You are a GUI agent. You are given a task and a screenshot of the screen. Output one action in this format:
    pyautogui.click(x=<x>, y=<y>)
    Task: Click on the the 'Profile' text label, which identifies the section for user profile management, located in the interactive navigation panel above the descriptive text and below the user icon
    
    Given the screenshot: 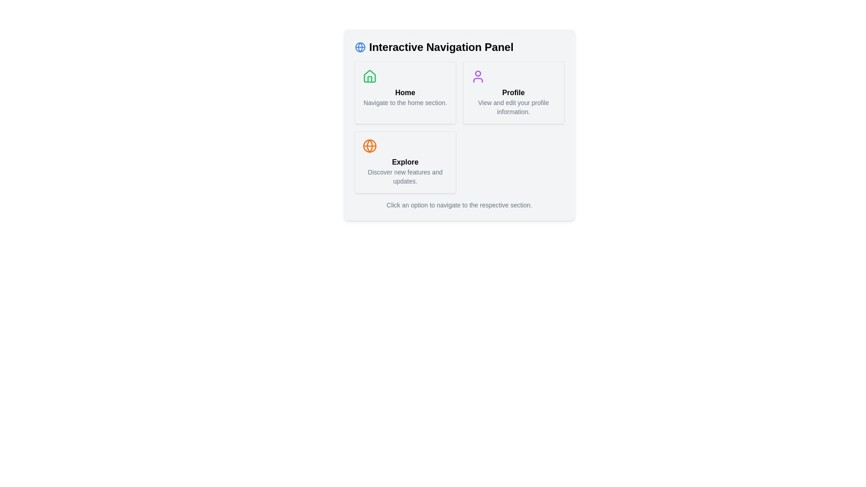 What is the action you would take?
    pyautogui.click(x=513, y=92)
    